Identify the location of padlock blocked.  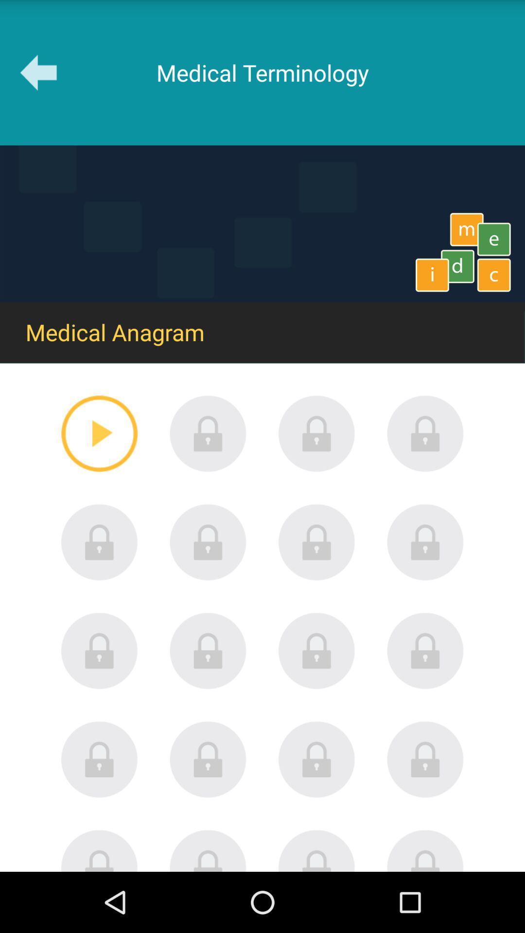
(208, 759).